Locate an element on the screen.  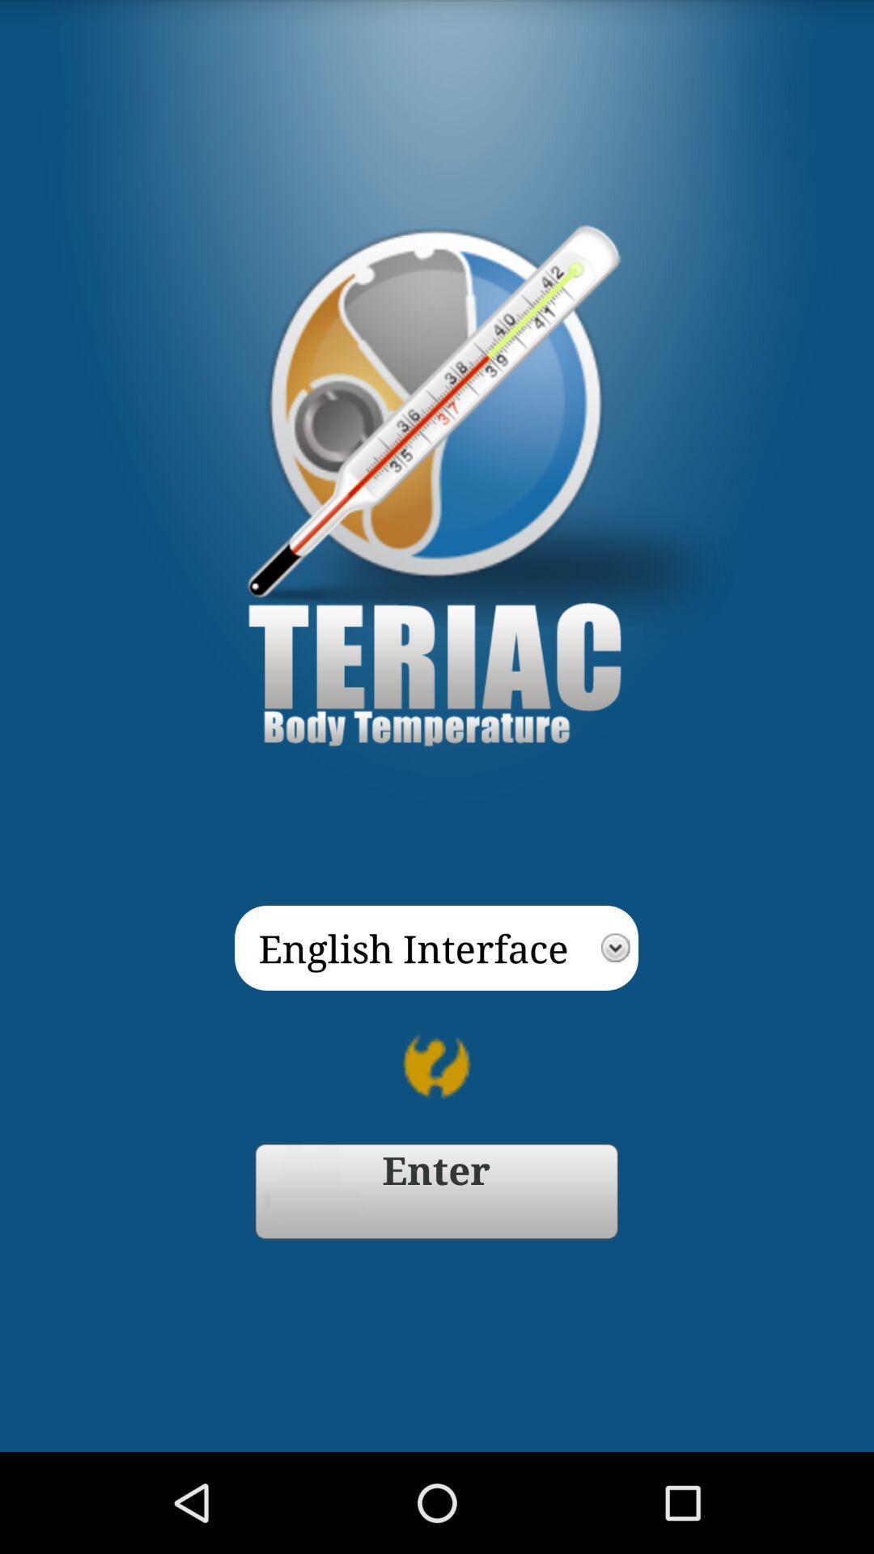
item below english interface app is located at coordinates (437, 1067).